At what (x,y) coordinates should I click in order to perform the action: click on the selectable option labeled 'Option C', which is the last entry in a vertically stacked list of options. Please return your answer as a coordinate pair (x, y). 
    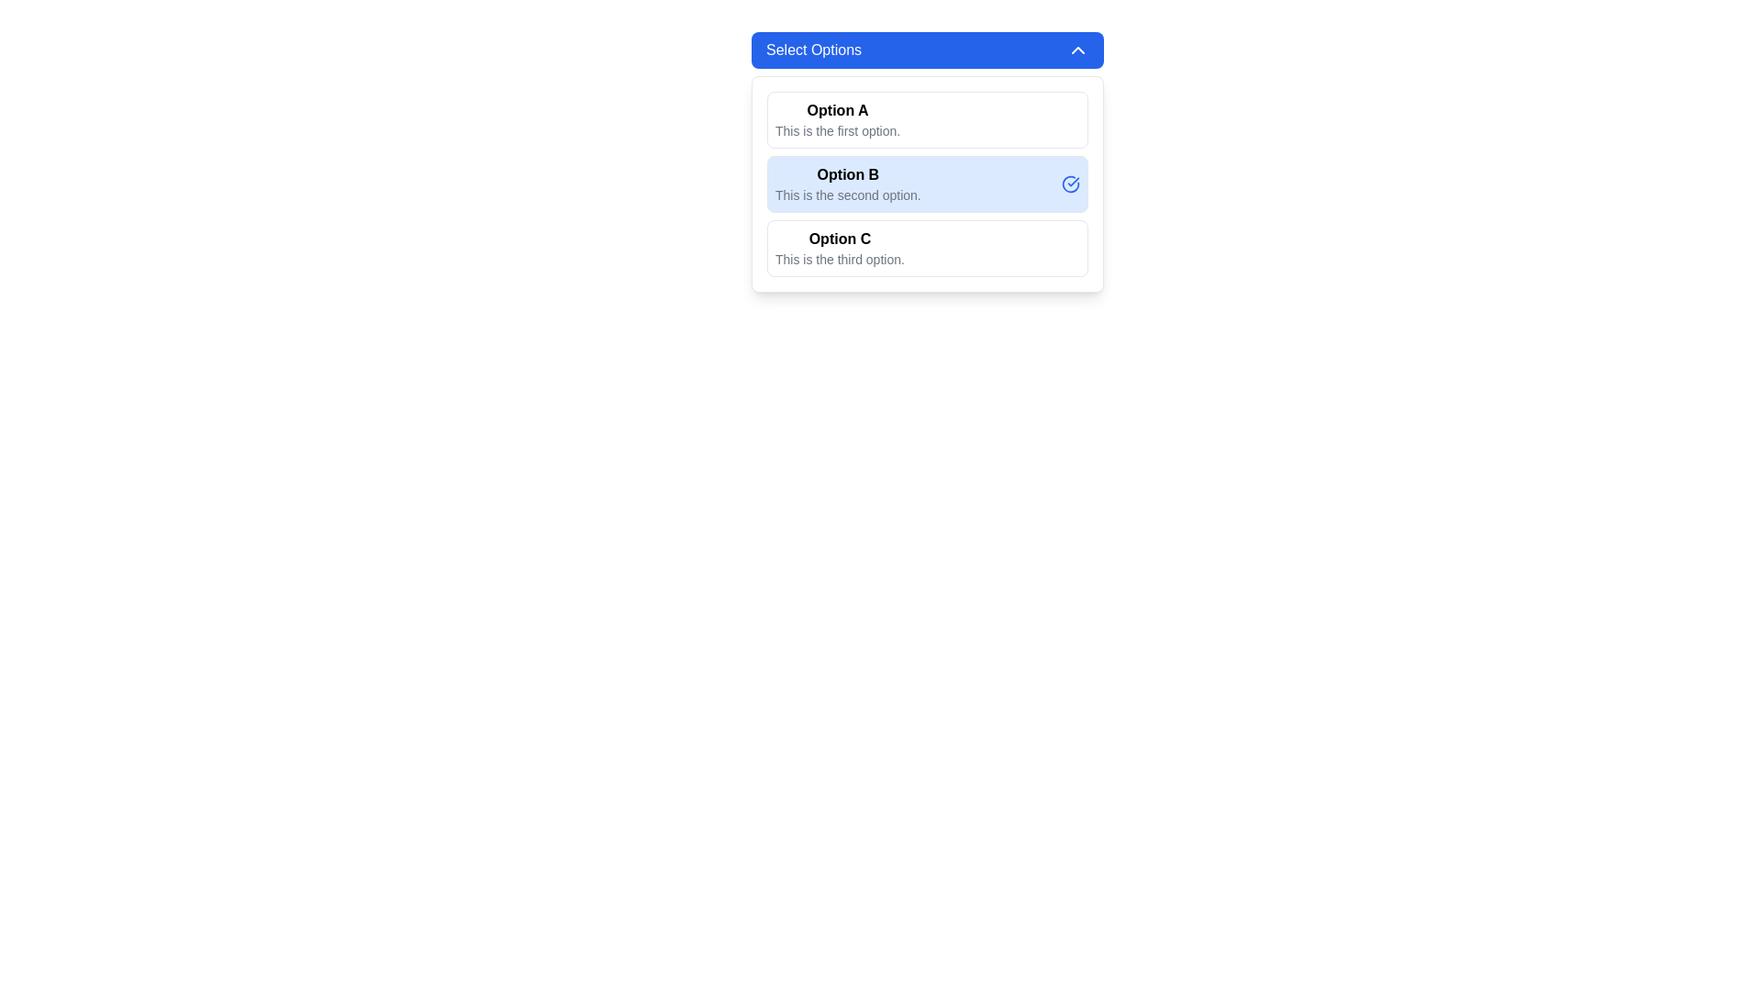
    Looking at the image, I should click on (928, 248).